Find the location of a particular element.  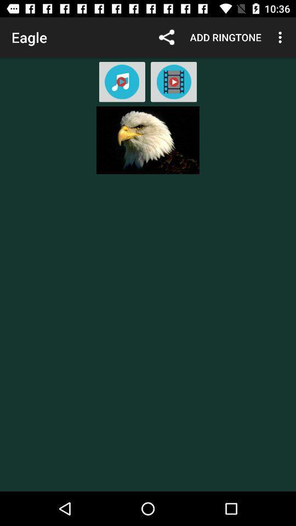

the item to the right of the add ringtone icon is located at coordinates (281, 37).